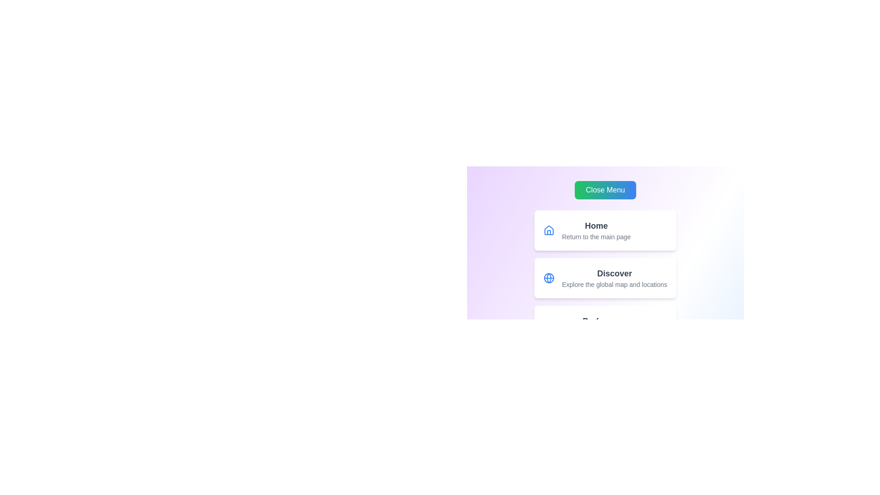  I want to click on the menu item Home, so click(605, 230).